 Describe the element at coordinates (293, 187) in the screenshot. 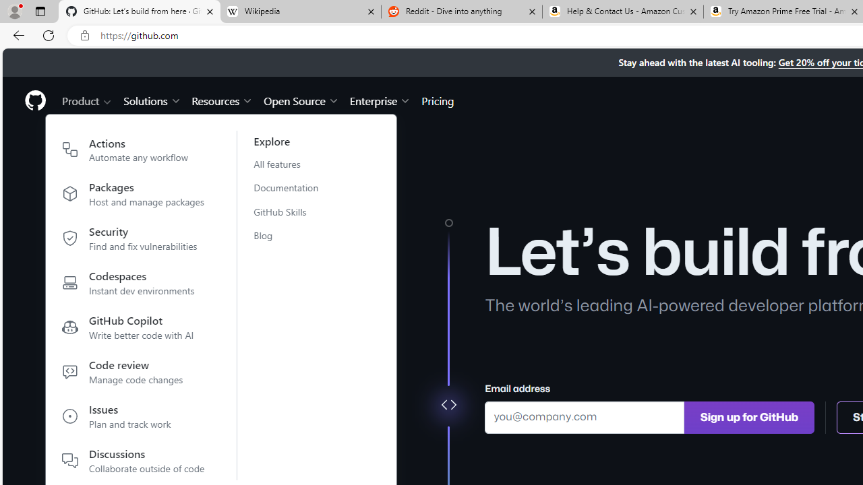

I see `'Documentation'` at that location.